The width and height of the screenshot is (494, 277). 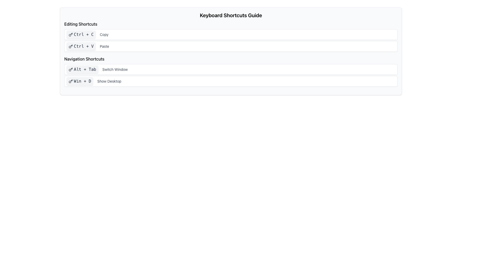 I want to click on the 'Ctrl + V' text display in the 'Editing Shortcuts' section, which visually represents the paste operation, so click(x=84, y=46).